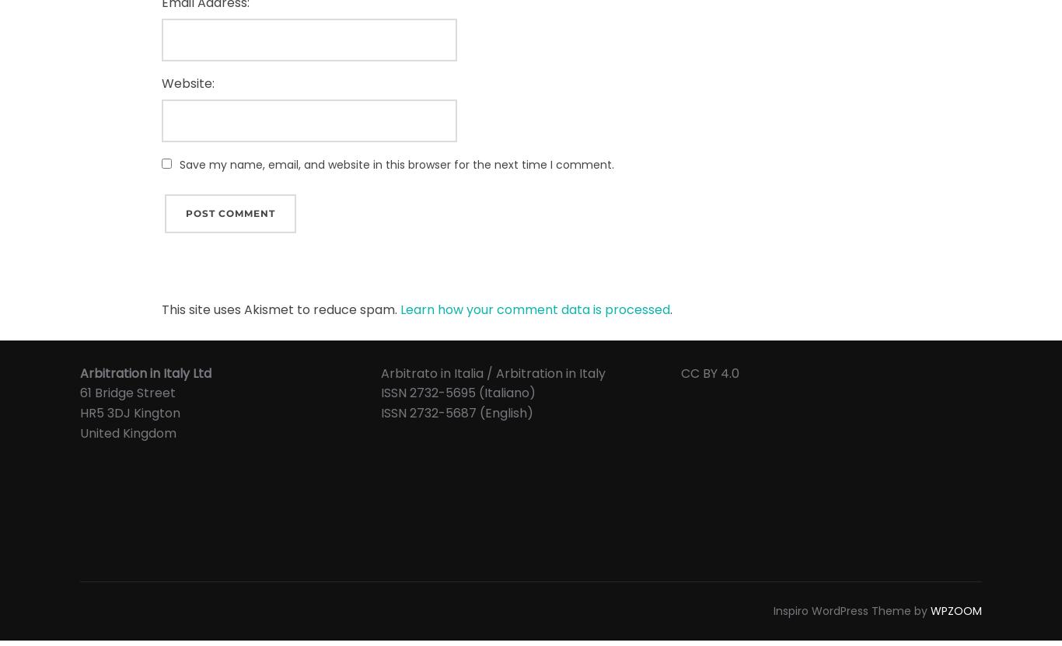  I want to click on 'Arbitrato in Italia / Arbitration in Italy', so click(491, 372).